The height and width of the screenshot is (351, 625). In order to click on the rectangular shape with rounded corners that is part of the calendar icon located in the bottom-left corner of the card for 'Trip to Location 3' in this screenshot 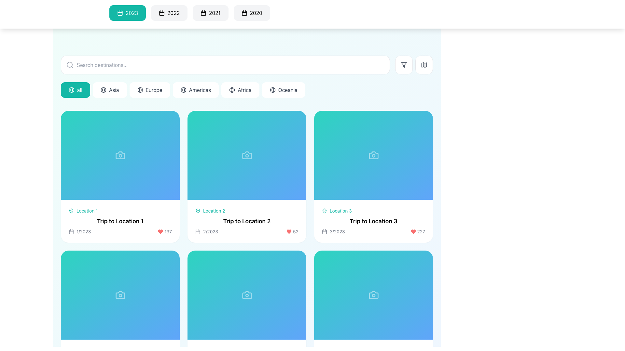, I will do `click(325, 231)`.